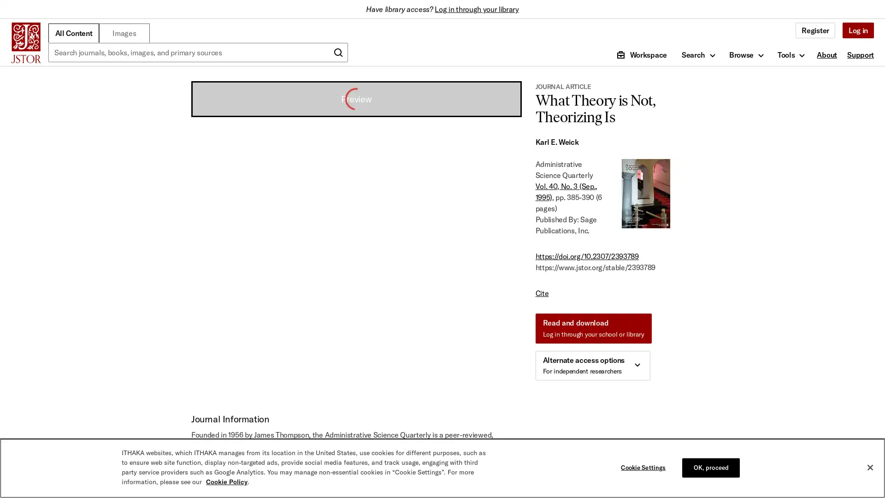 This screenshot has height=498, width=885. What do you see at coordinates (338, 53) in the screenshot?
I see `Submit search` at bounding box center [338, 53].